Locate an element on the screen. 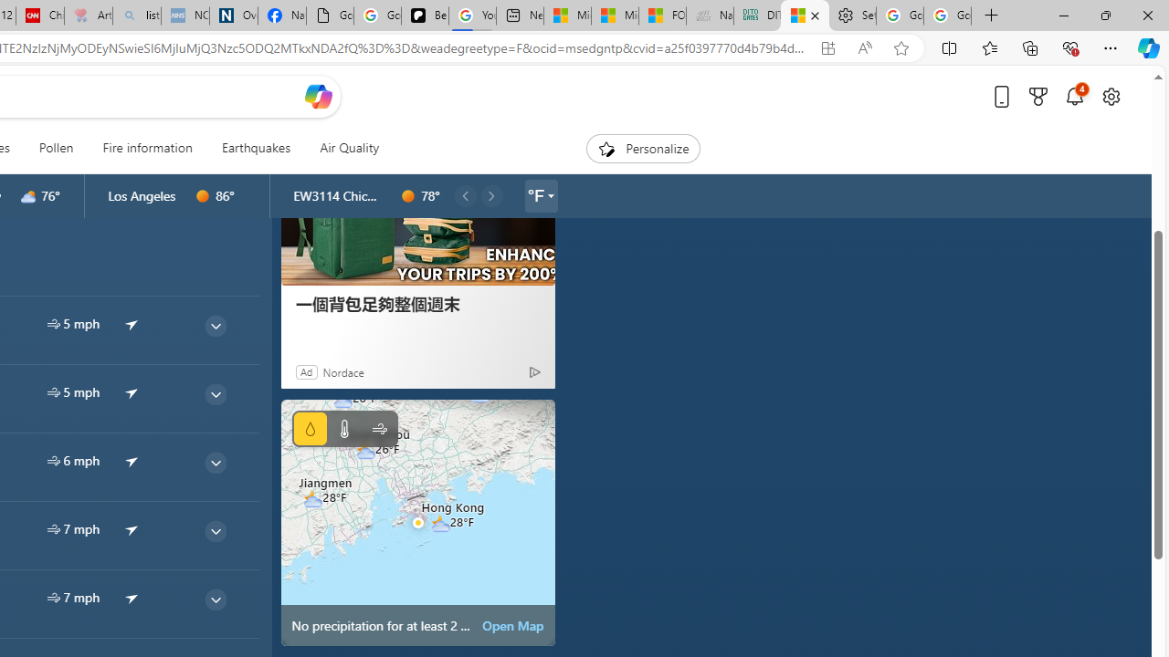 The image size is (1169, 657). 'Arthritis: Ask Health Professionals - Sleeping' is located at coordinates (87, 16).